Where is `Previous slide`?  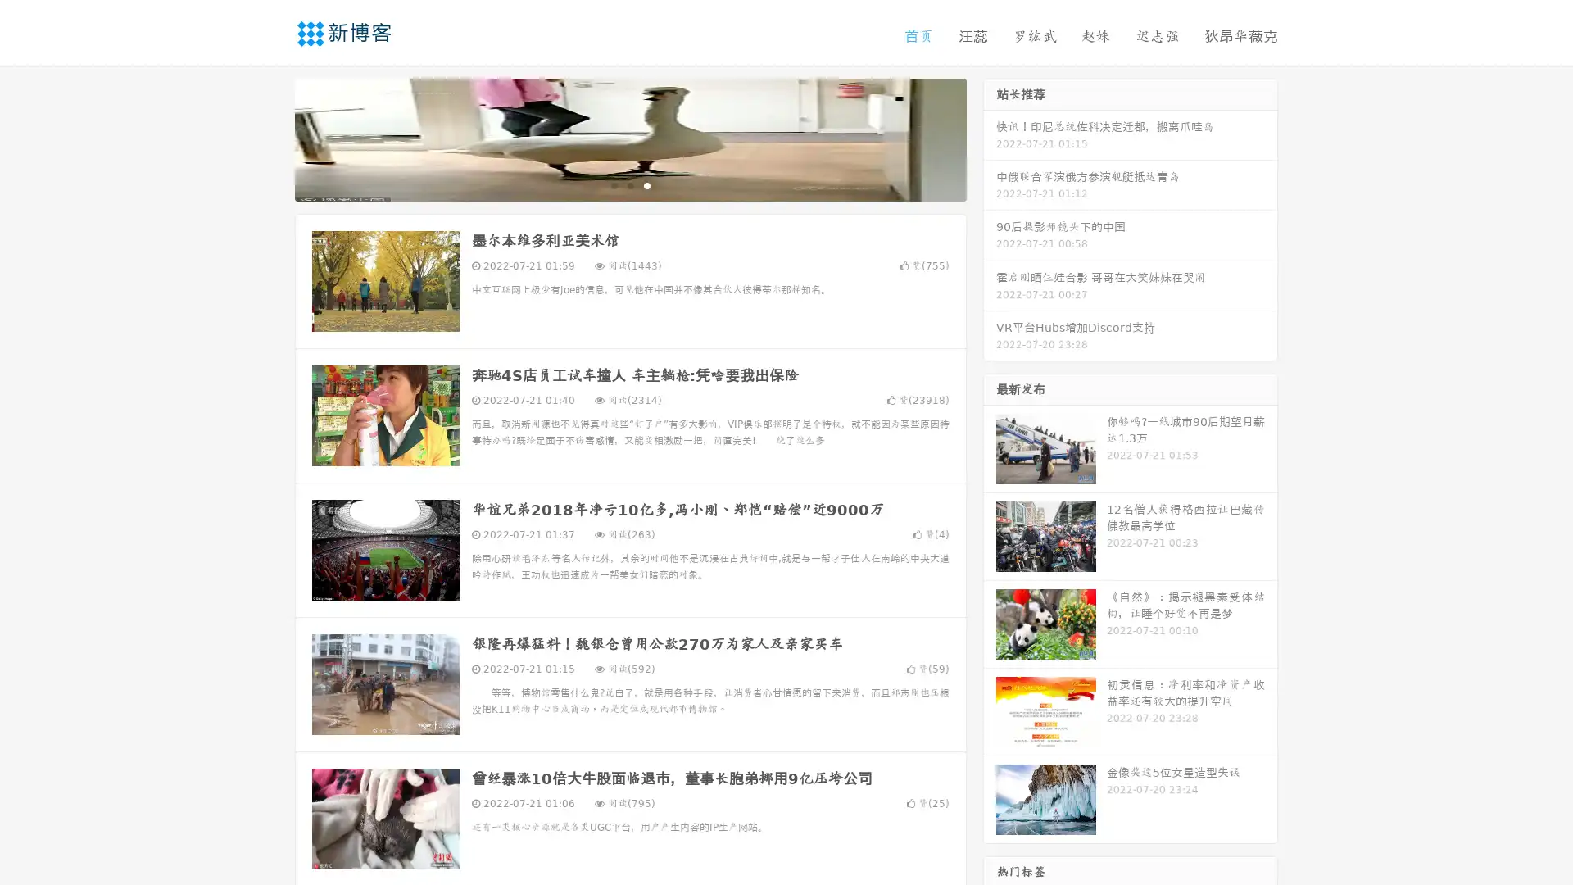 Previous slide is located at coordinates (270, 138).